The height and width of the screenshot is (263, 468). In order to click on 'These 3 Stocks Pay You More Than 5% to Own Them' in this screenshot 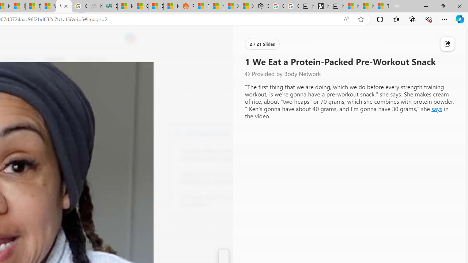, I will do `click(381, 6)`.